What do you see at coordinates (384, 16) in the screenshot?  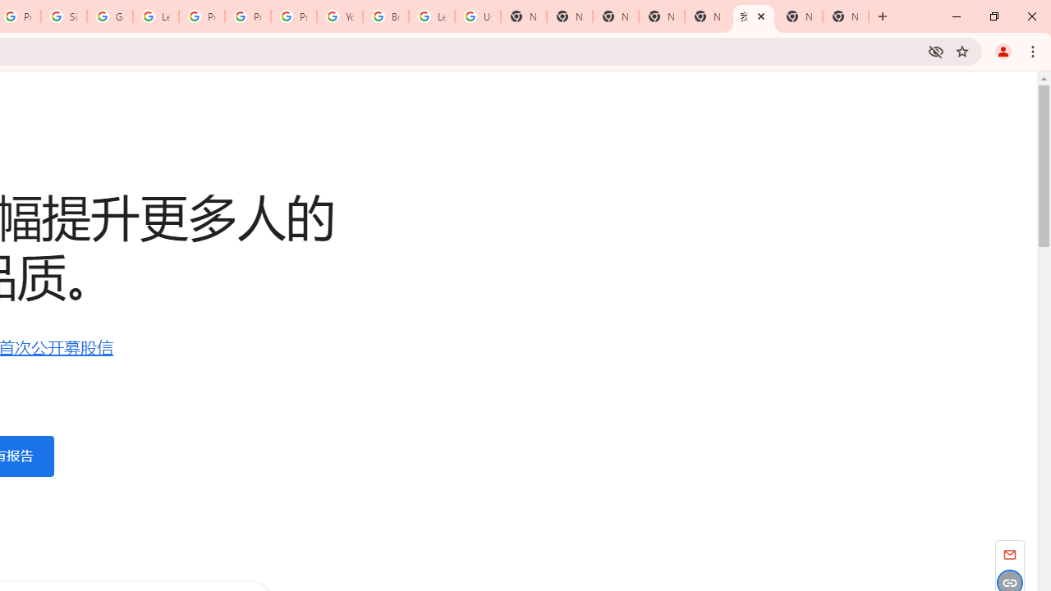 I see `'Browse Chrome as a guest - Computer - Google Chrome Help'` at bounding box center [384, 16].